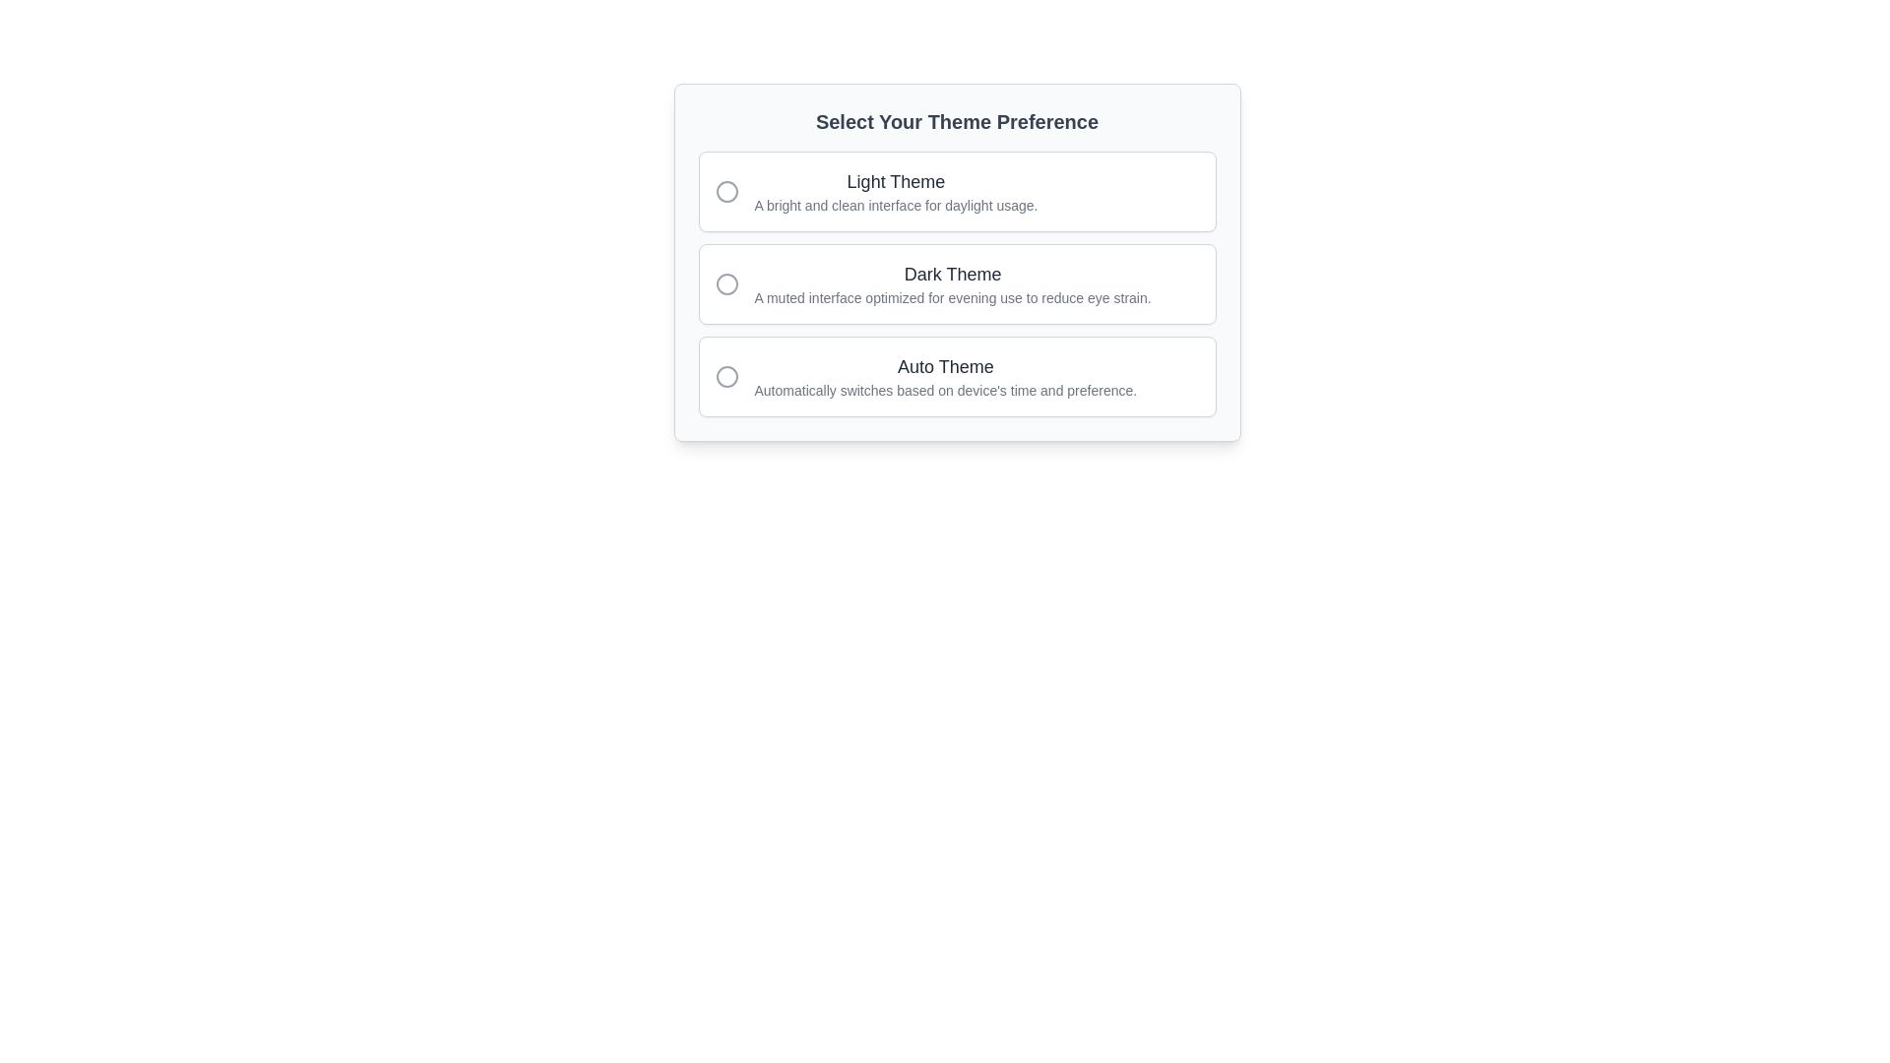  What do you see at coordinates (895, 192) in the screenshot?
I see `the Text element displaying the title 'Light Theme' and its description 'A bright and clean interface for daylight usage.', which is part of the first selectable option in the theme preferences list` at bounding box center [895, 192].